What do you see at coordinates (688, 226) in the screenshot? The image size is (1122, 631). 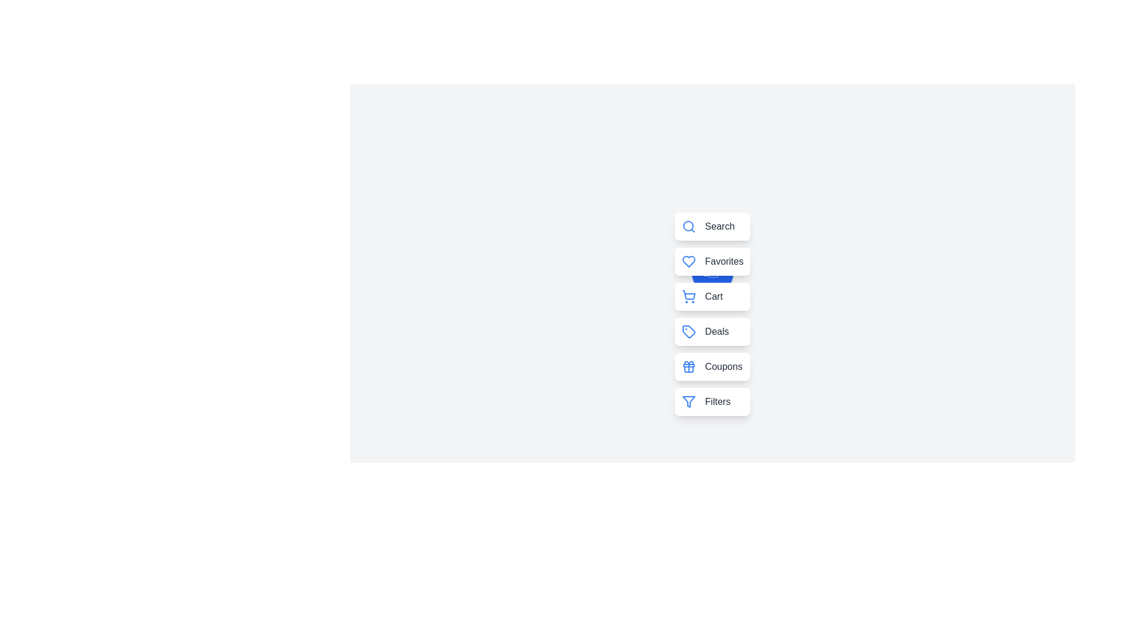 I see `the circle representing the lens of the magnifying glass icon to focus on the search functionality` at bounding box center [688, 226].